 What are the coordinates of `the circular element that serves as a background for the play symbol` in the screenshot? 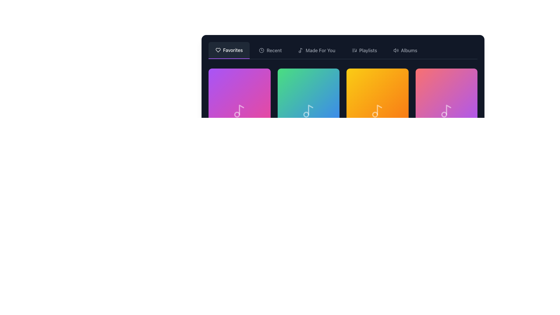 It's located at (259, 112).